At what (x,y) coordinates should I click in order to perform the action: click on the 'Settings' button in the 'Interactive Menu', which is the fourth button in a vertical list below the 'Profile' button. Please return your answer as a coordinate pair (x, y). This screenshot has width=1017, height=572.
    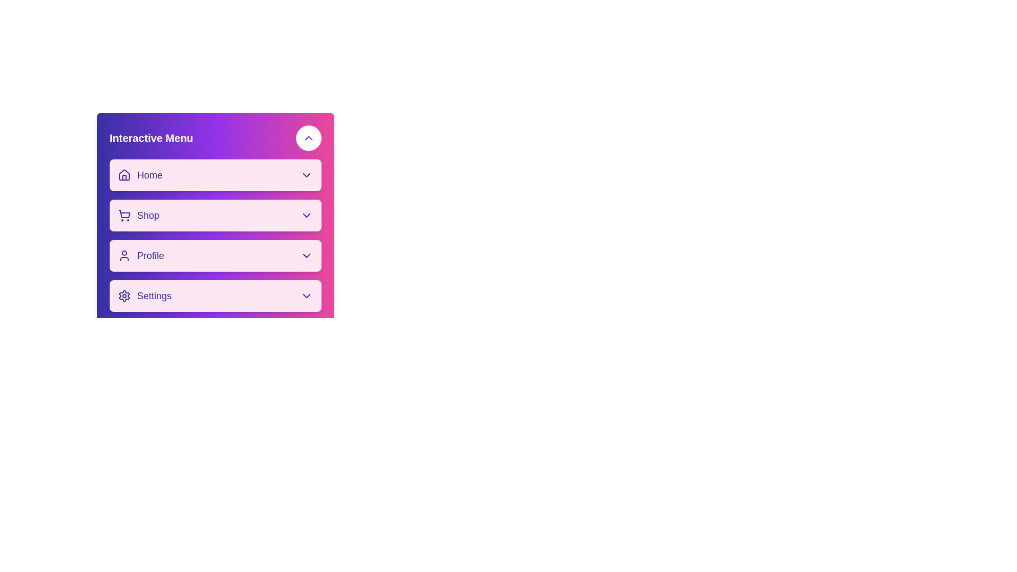
    Looking at the image, I should click on (215, 296).